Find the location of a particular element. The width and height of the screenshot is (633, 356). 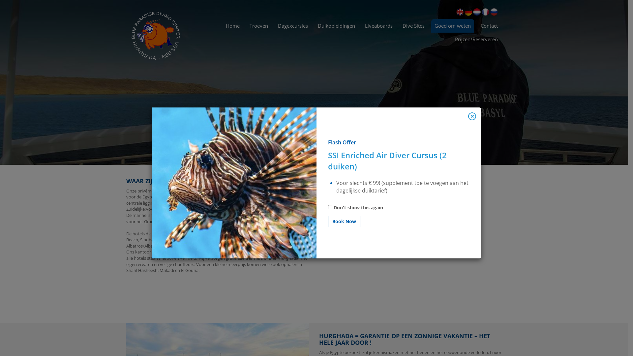

'Goed om weten' is located at coordinates (452, 25).